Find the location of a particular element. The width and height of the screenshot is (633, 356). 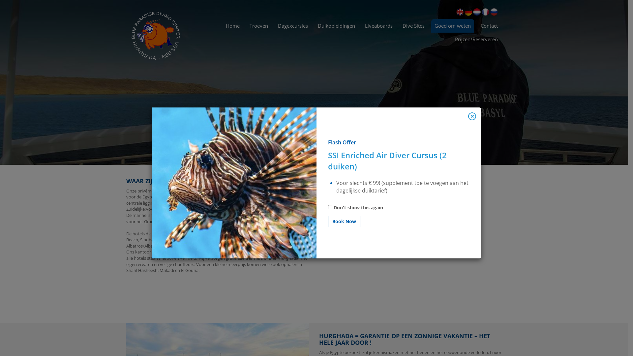

'Goed om weten' is located at coordinates (452, 25).